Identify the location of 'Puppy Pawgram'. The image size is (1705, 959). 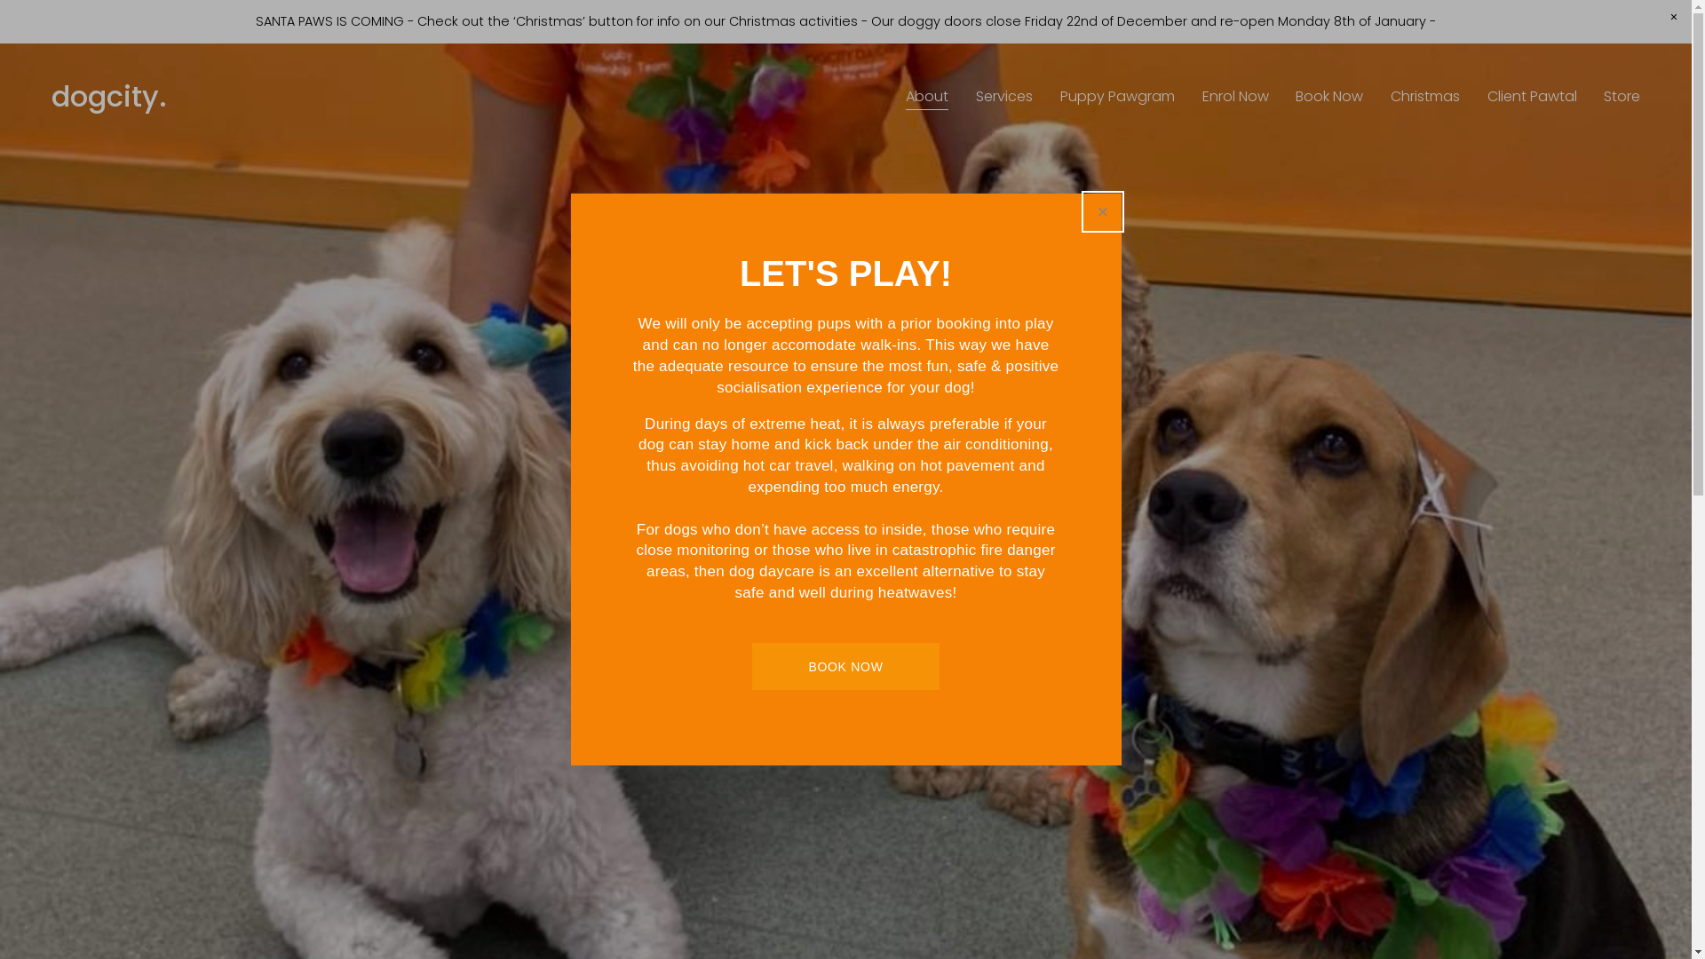
(1116, 98).